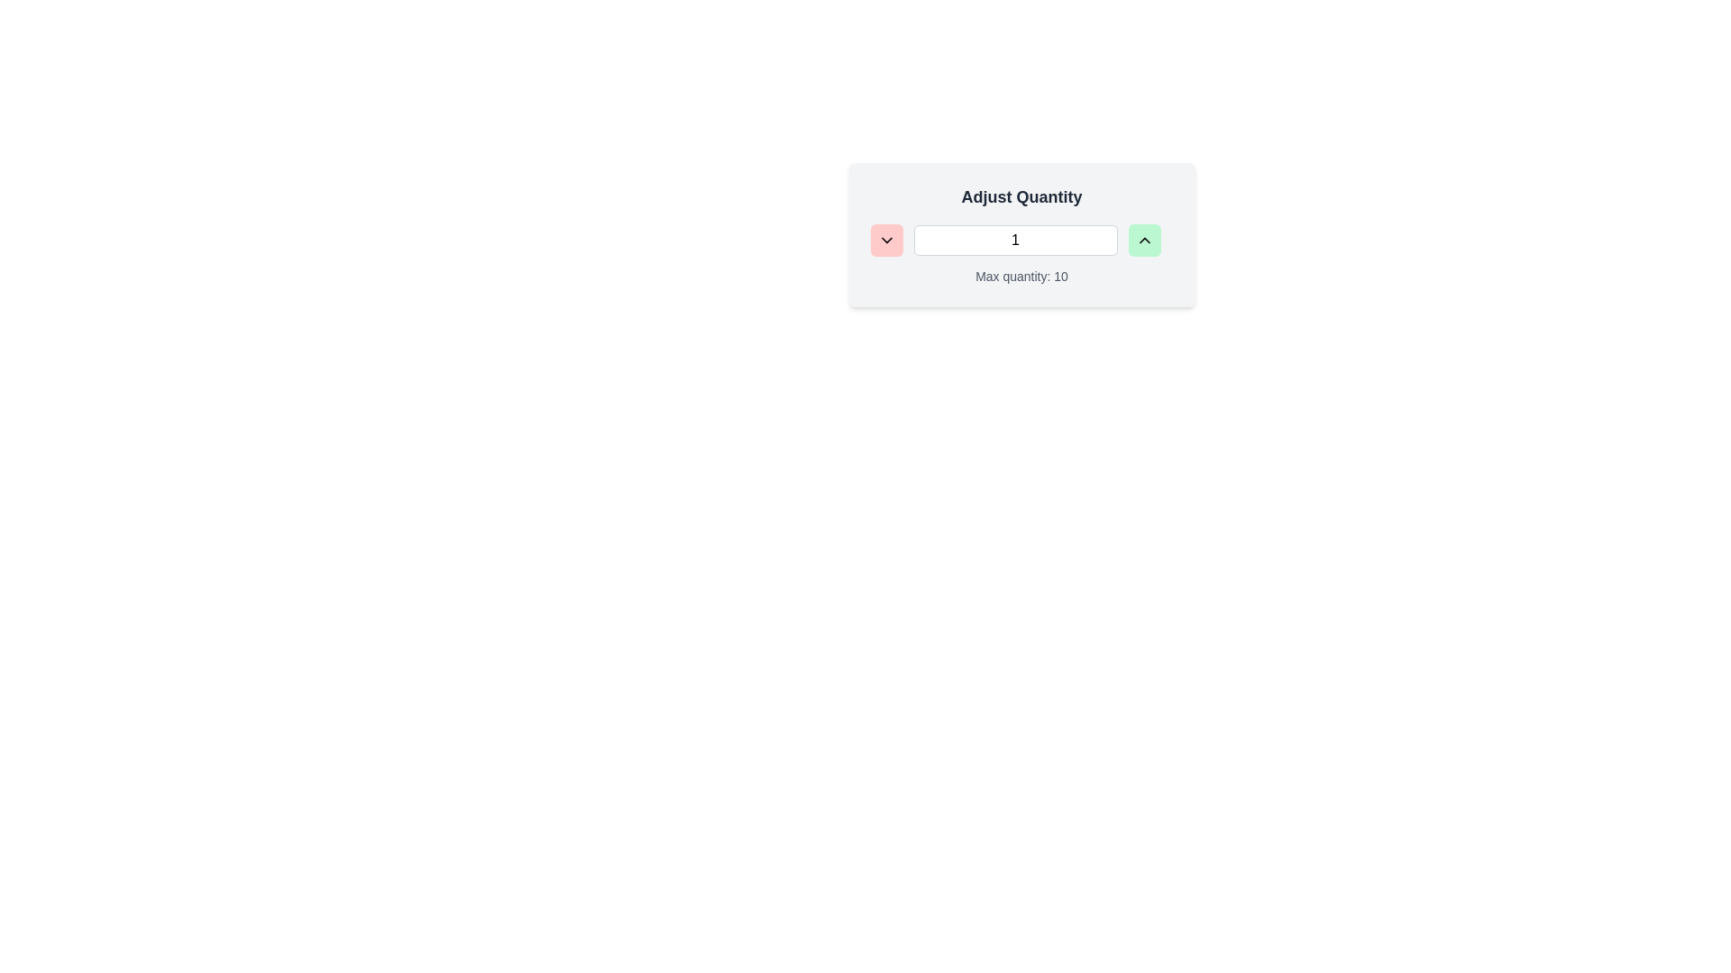 The height and width of the screenshot is (973, 1731). What do you see at coordinates (1143, 239) in the screenshot?
I see `the chevron-up icon within the green button` at bounding box center [1143, 239].